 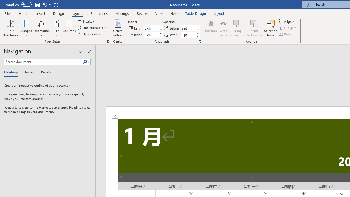 I want to click on 'Margins', so click(x=26, y=28).